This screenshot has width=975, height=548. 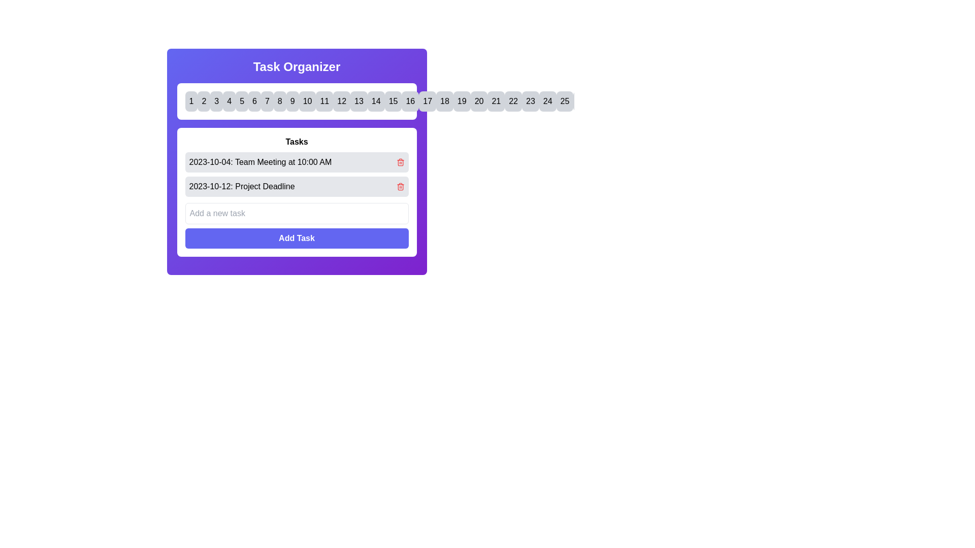 What do you see at coordinates (513, 101) in the screenshot?
I see `the button displaying the number '22' in bold black text, which is part of a grid-like sequence and located in the 22nd slot of the horizontally aligned list` at bounding box center [513, 101].